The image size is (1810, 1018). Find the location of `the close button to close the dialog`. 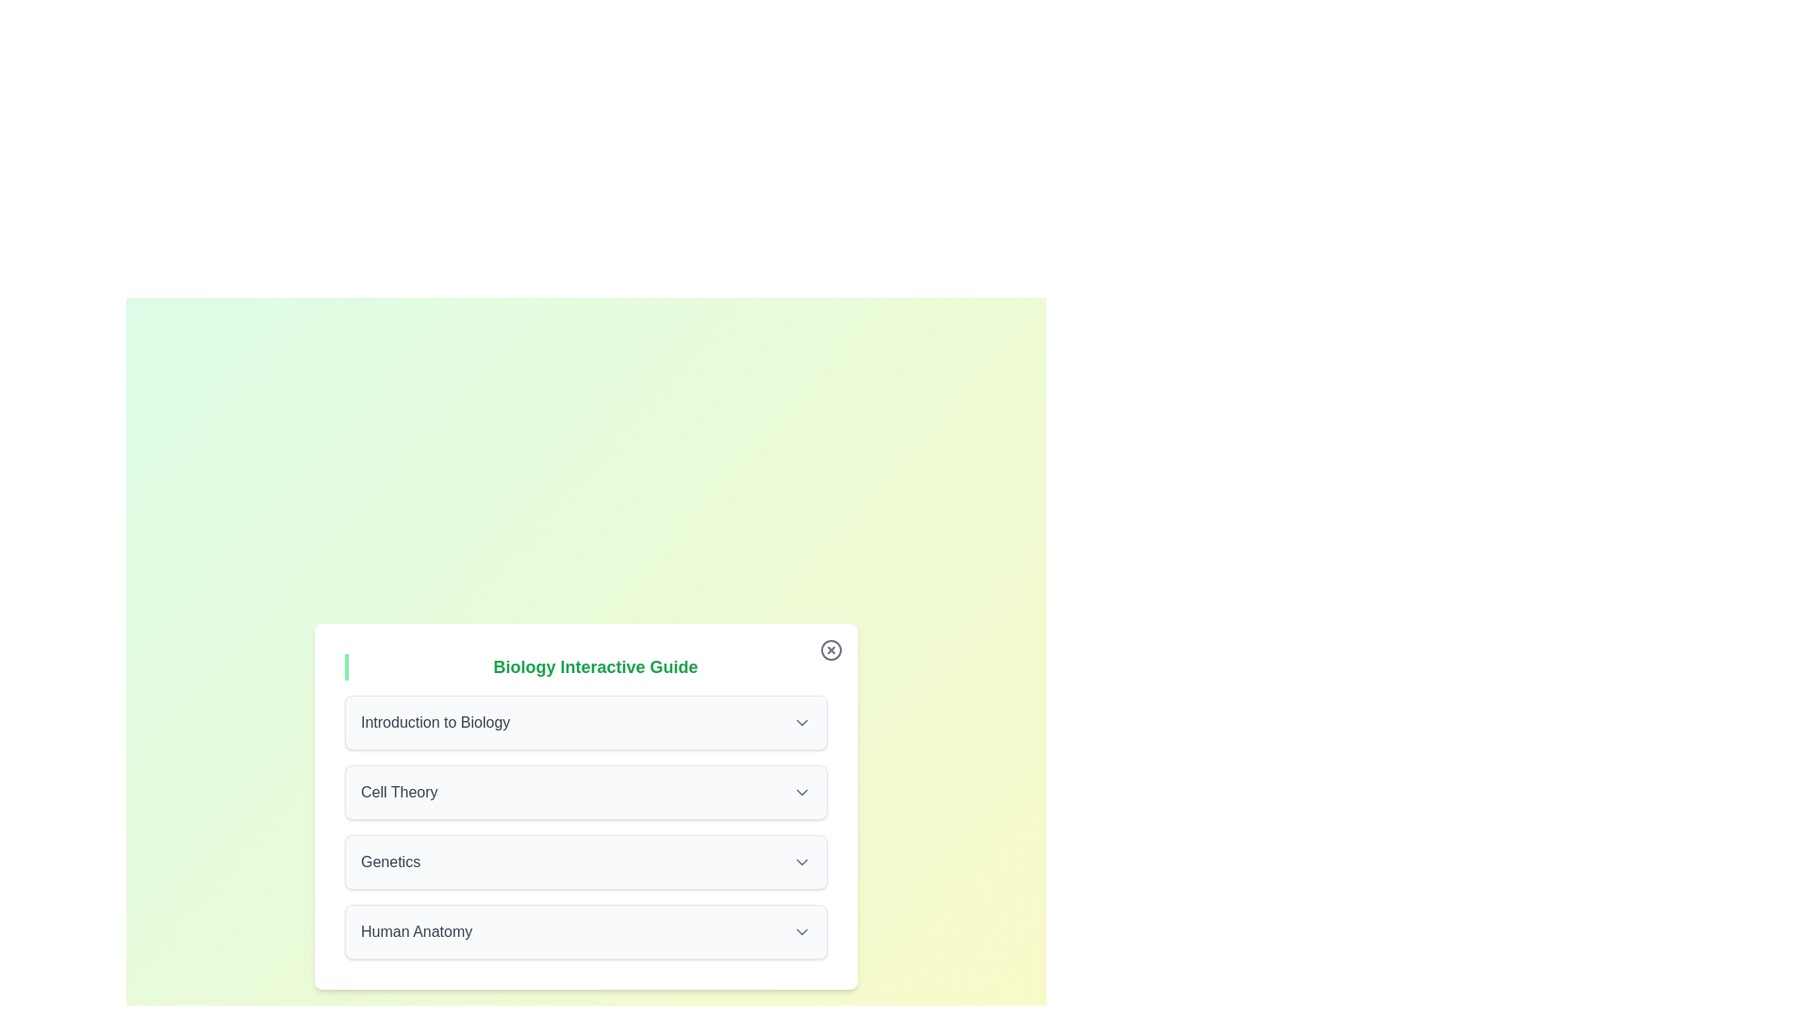

the close button to close the dialog is located at coordinates (831, 649).